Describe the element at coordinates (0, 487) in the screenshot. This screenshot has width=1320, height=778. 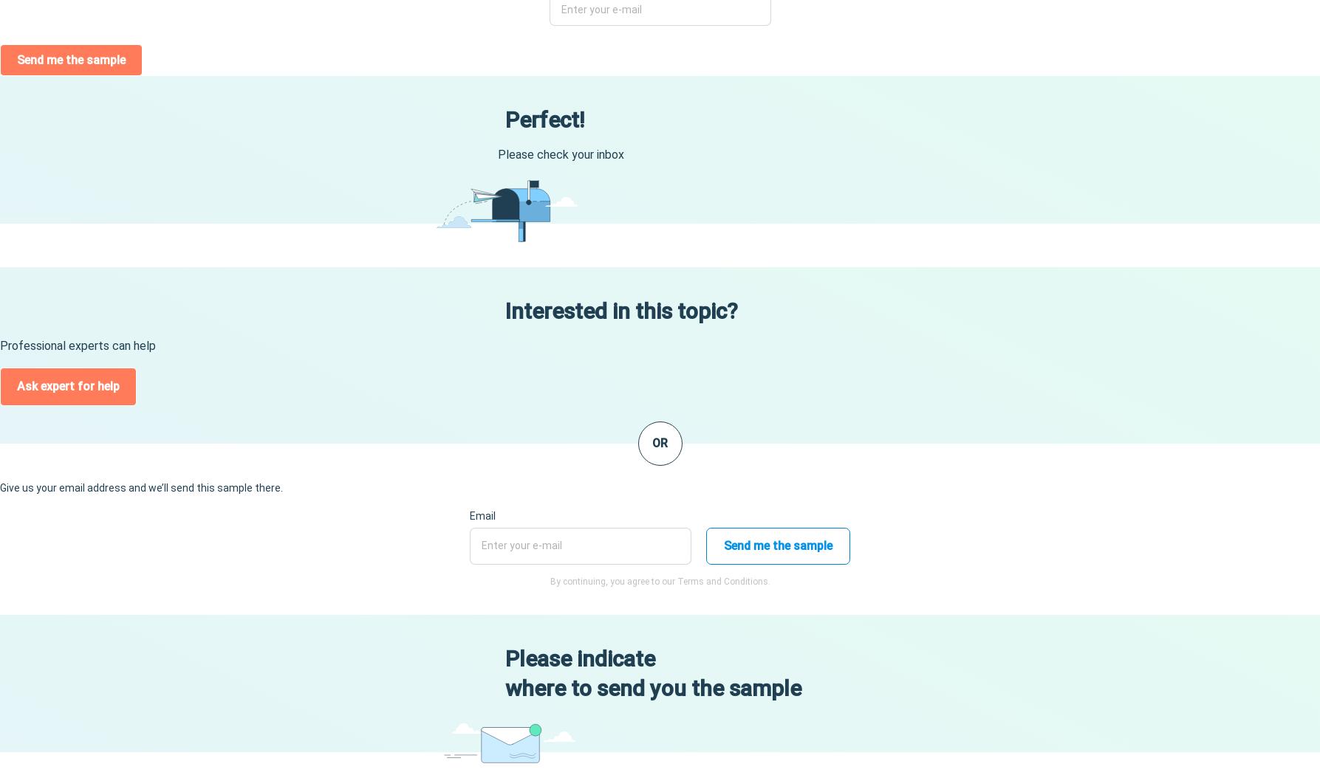
I see `'Give us your email address and we’ll send this sample there.'` at that location.